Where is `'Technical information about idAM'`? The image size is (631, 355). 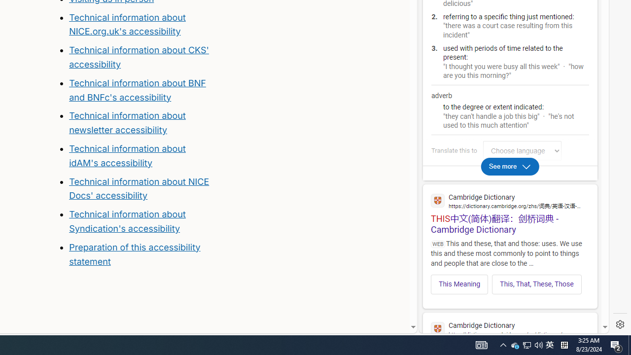 'Technical information about idAM' is located at coordinates (127, 155).